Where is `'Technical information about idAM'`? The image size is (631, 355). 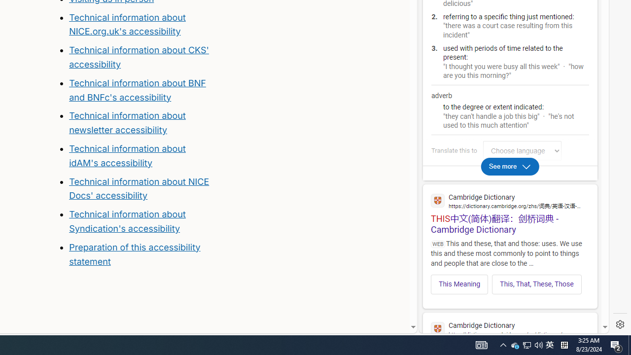 'Technical information about idAM' is located at coordinates (127, 155).